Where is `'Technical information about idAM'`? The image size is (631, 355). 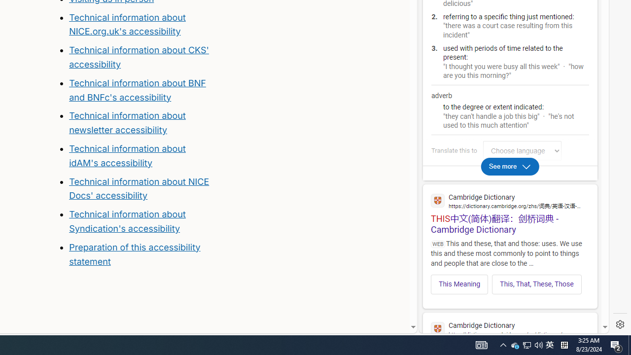 'Technical information about idAM' is located at coordinates (127, 155).